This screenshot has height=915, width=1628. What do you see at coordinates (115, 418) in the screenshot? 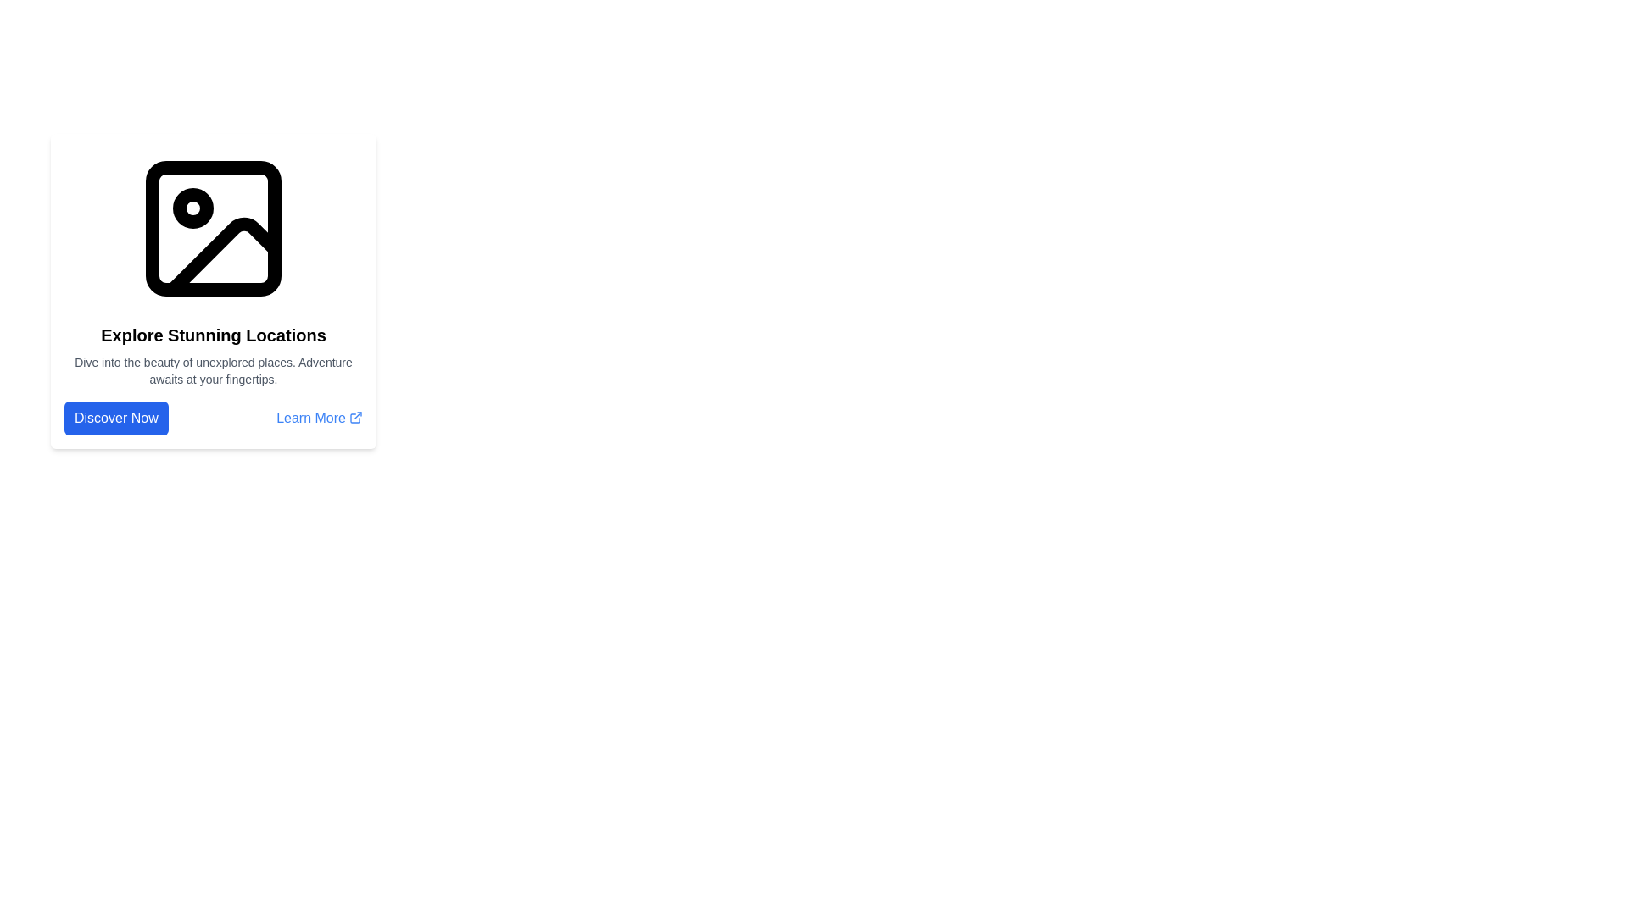
I see `the 'Discover Now' button, which is a rectangular button with rounded corners and a solid blue background, located to the left of the 'Learn More' link` at bounding box center [115, 418].